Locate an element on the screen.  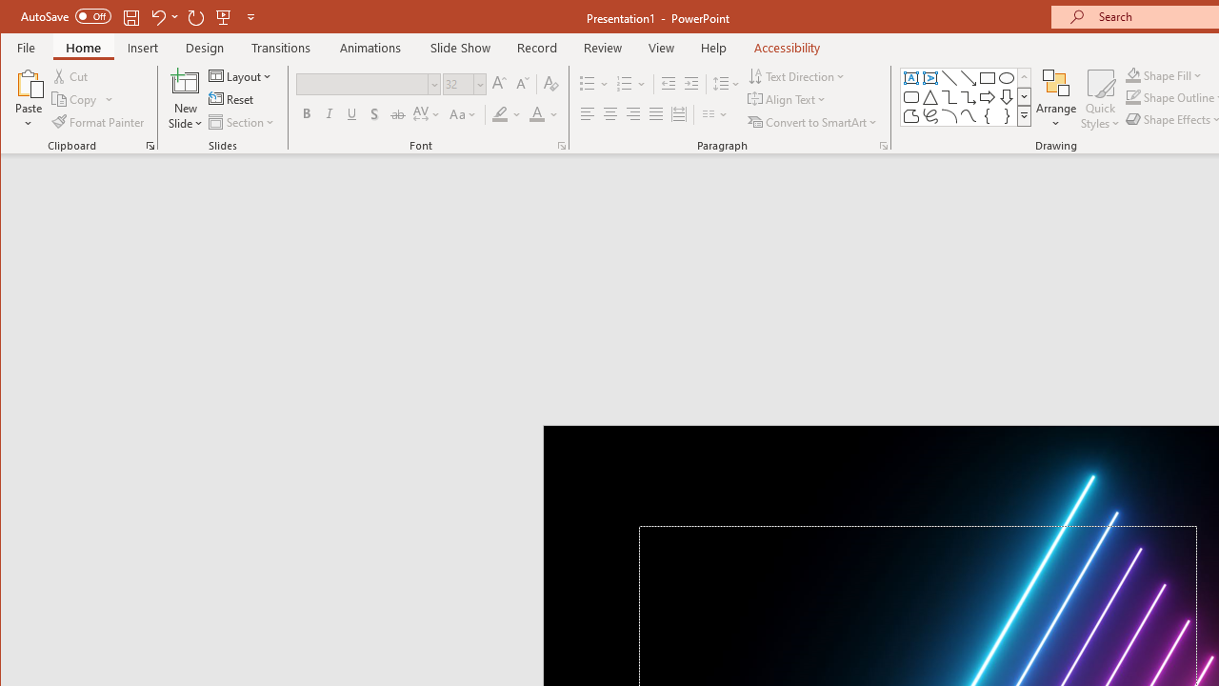
'Line Arrow' is located at coordinates (968, 77).